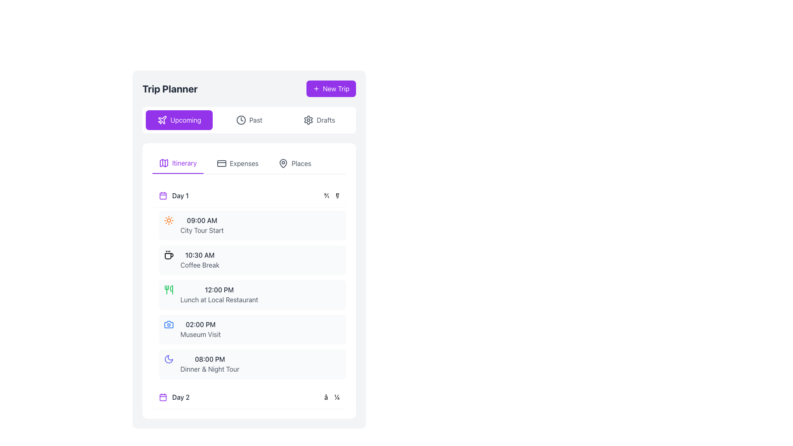 The height and width of the screenshot is (446, 793). I want to click on the schedule entry for a lunch appointment at a local restaurant scheduled at 12:00 PM, which is located in the itinerary list between the '10:30 AM Coffee Break' and '02:00 PM Museum Visit' entries, so click(219, 294).